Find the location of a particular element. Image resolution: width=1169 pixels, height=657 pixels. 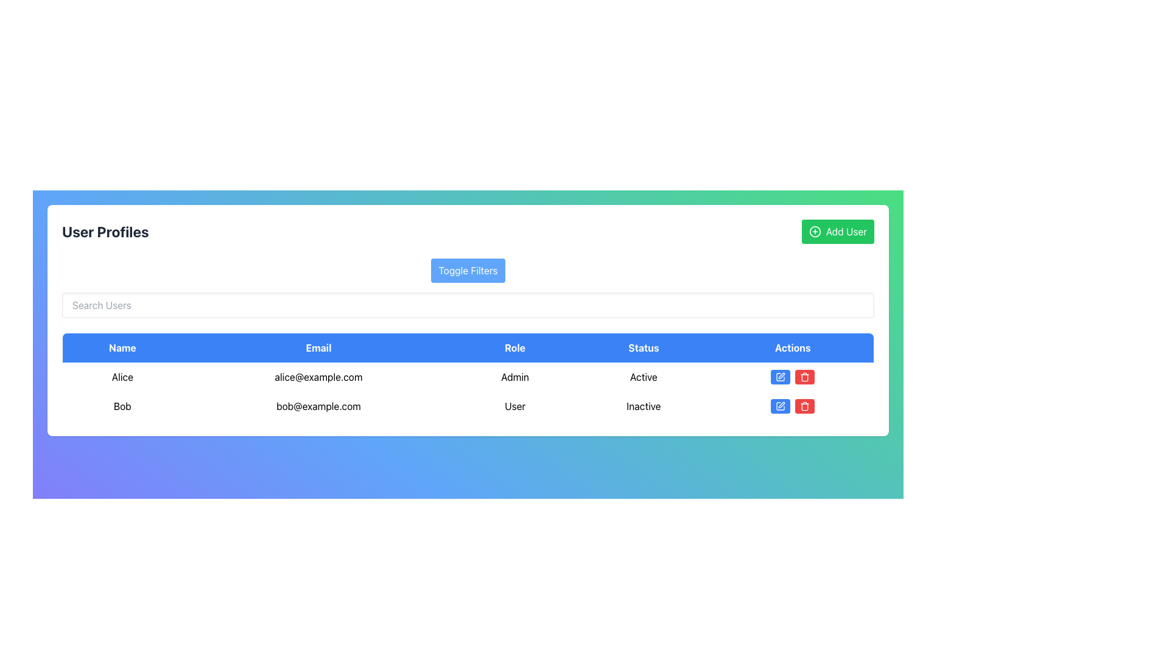

the edit button in the Actions column for the user 'Alice' to modify user information is located at coordinates (793, 377).